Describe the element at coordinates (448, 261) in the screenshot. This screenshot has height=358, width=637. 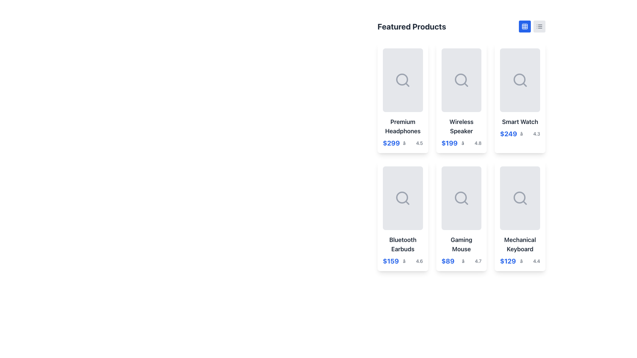
I see `contents of the text label displaying the price '$89', which is styled in a bold and large blue font at the bottom section of the 'Gaming Mouse' card` at that location.